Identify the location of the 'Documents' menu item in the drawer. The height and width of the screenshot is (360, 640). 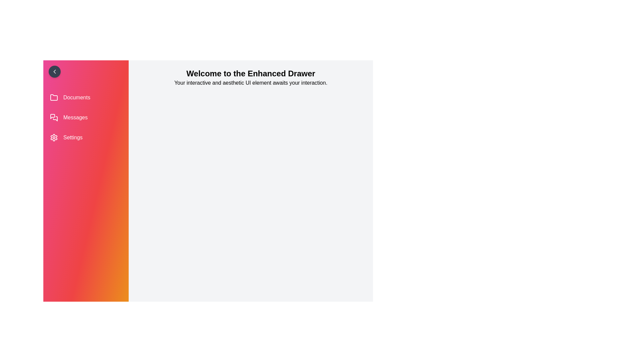
(86, 98).